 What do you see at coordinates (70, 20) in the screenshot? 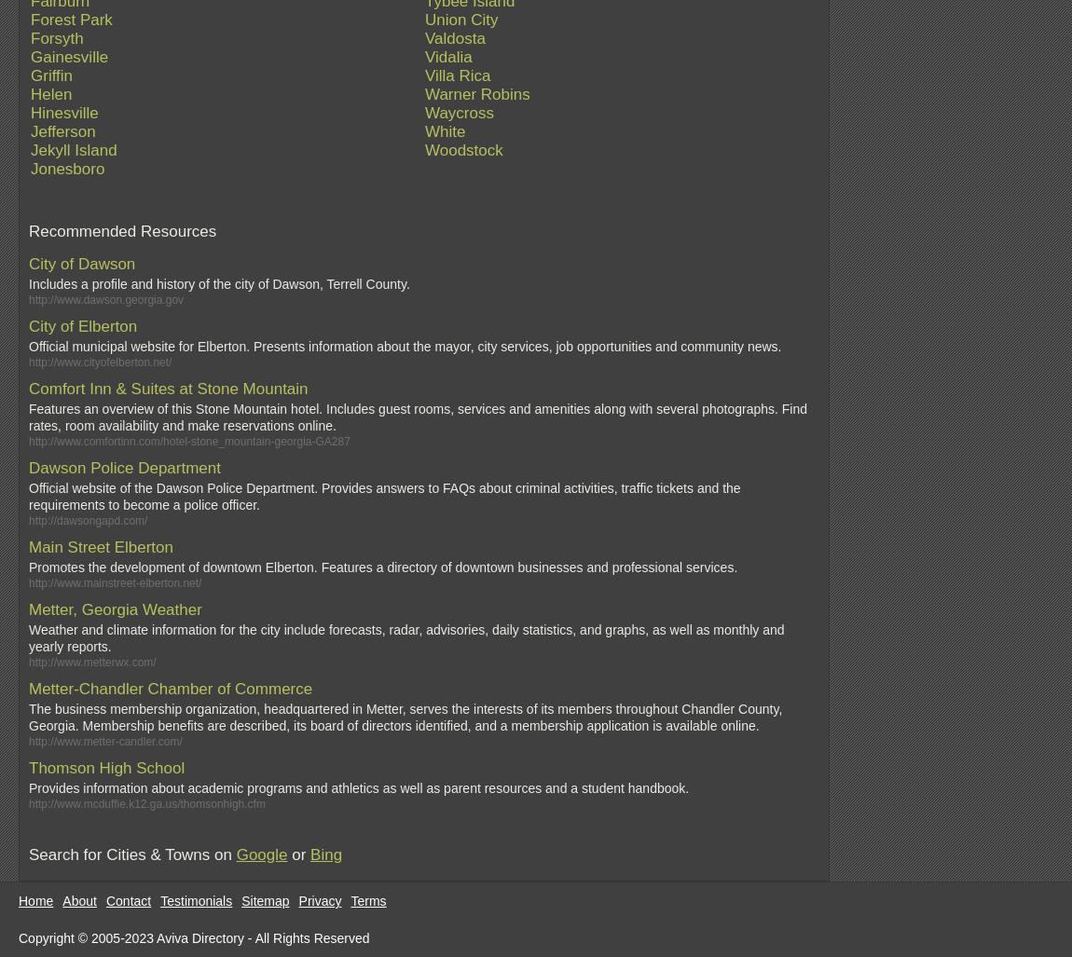
I see `'Forest Park'` at bounding box center [70, 20].